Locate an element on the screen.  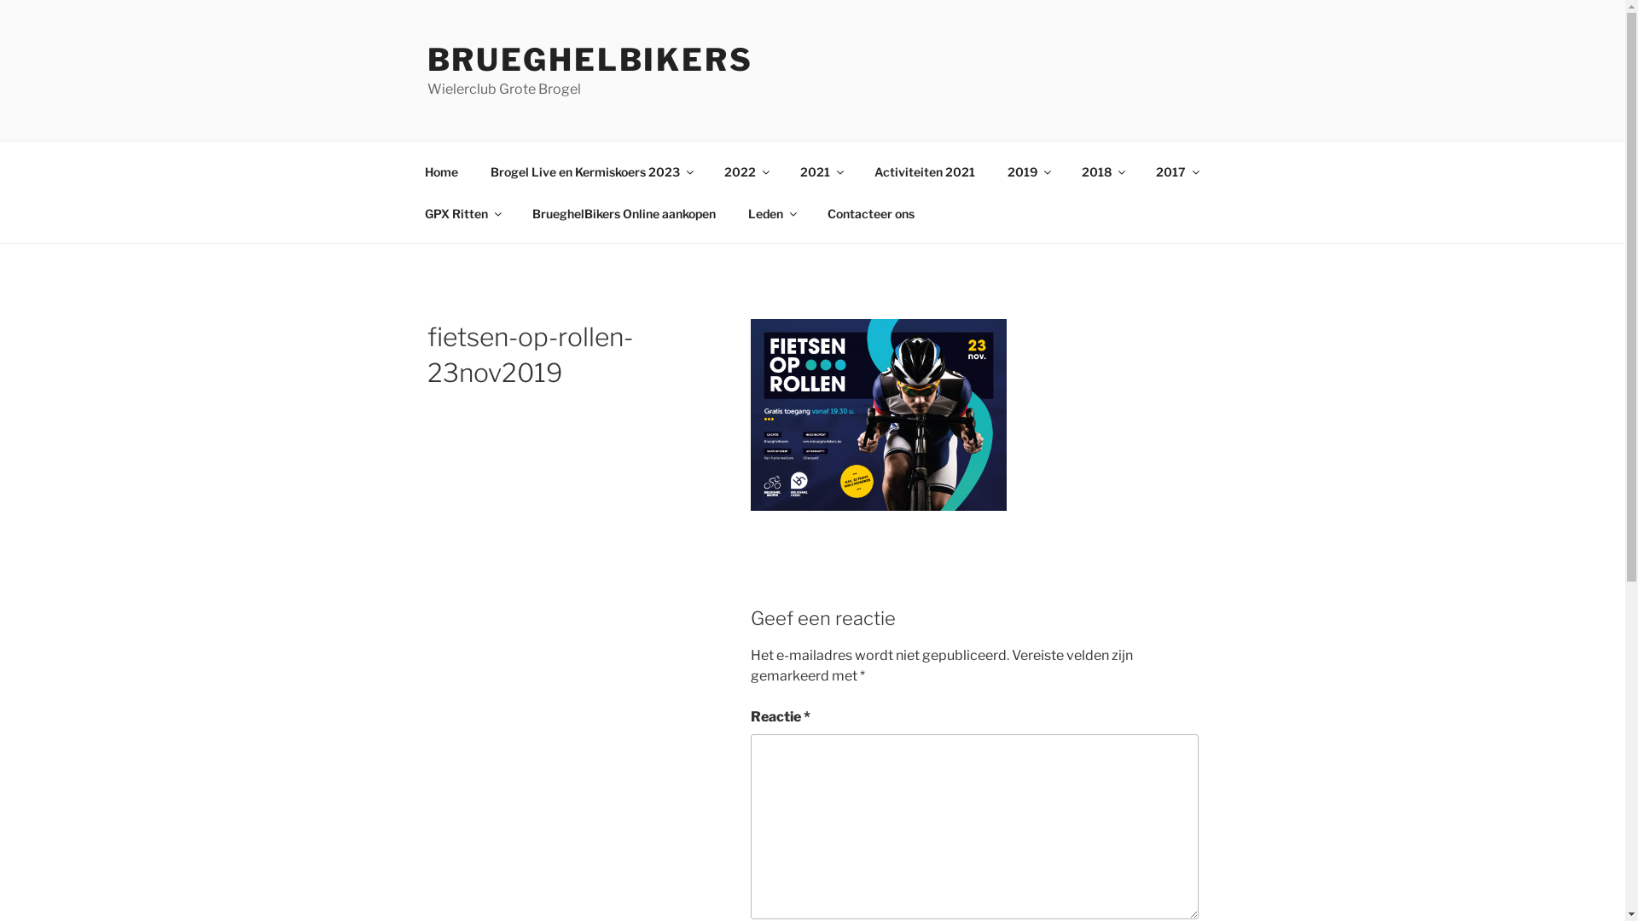
'Contacteer ons' is located at coordinates (870, 212).